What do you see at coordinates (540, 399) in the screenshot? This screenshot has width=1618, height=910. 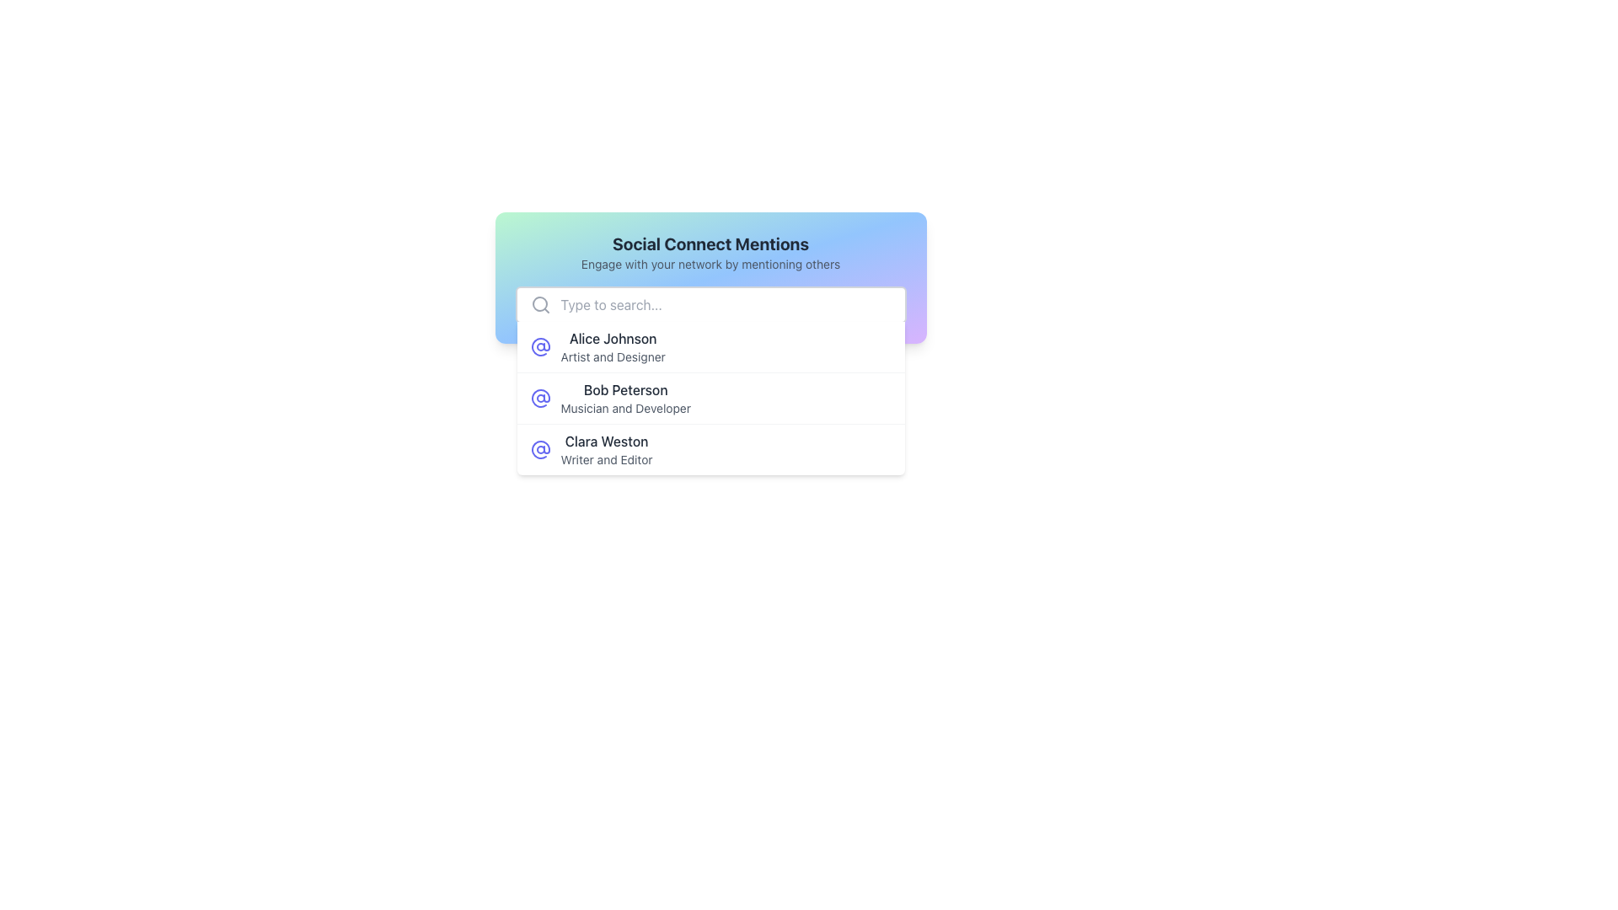 I see `the email or online mention indicator icon for 'Bob Peterson', located next to the text 'Bob Peterson Musician and Developer' in the vertical selection menu` at bounding box center [540, 399].